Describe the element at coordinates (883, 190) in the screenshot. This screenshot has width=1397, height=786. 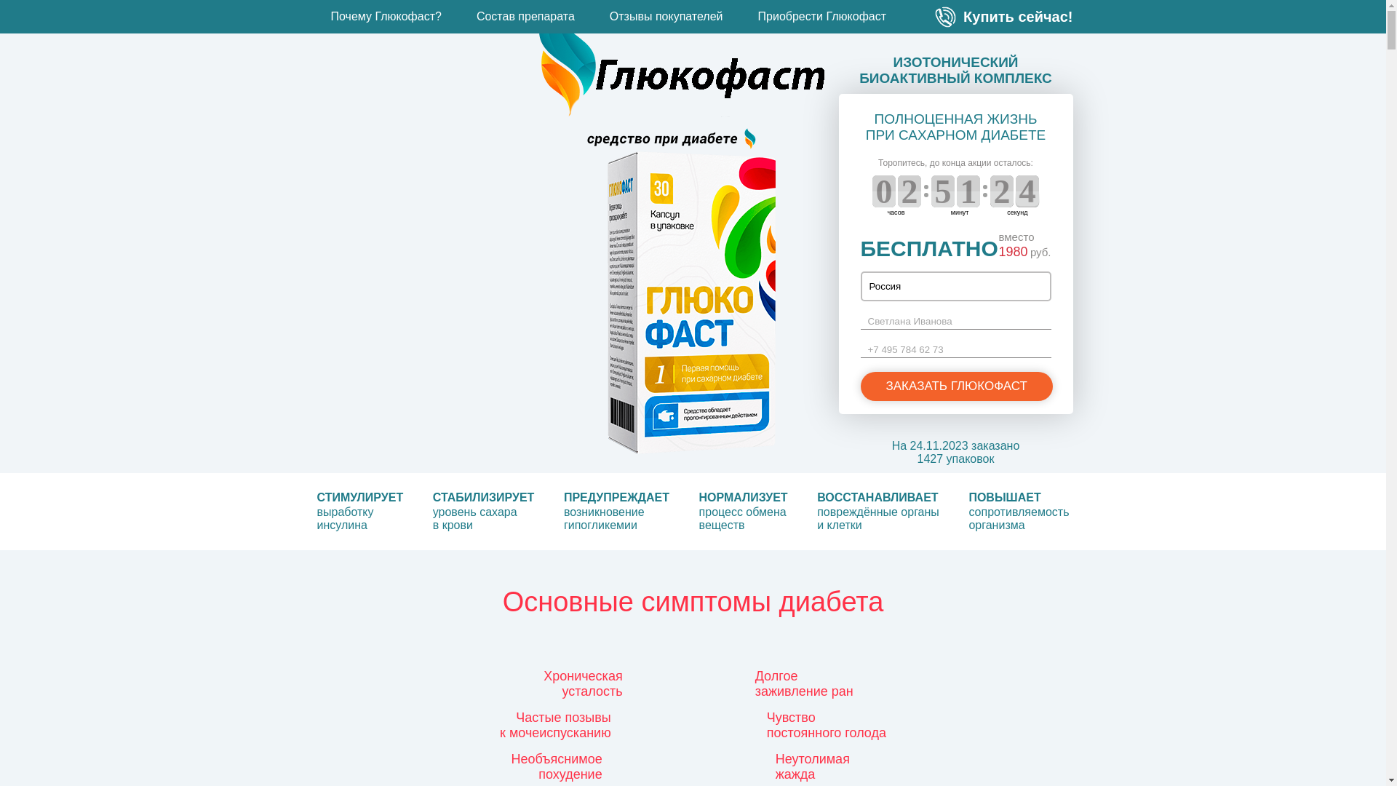
I see `'9` at that location.